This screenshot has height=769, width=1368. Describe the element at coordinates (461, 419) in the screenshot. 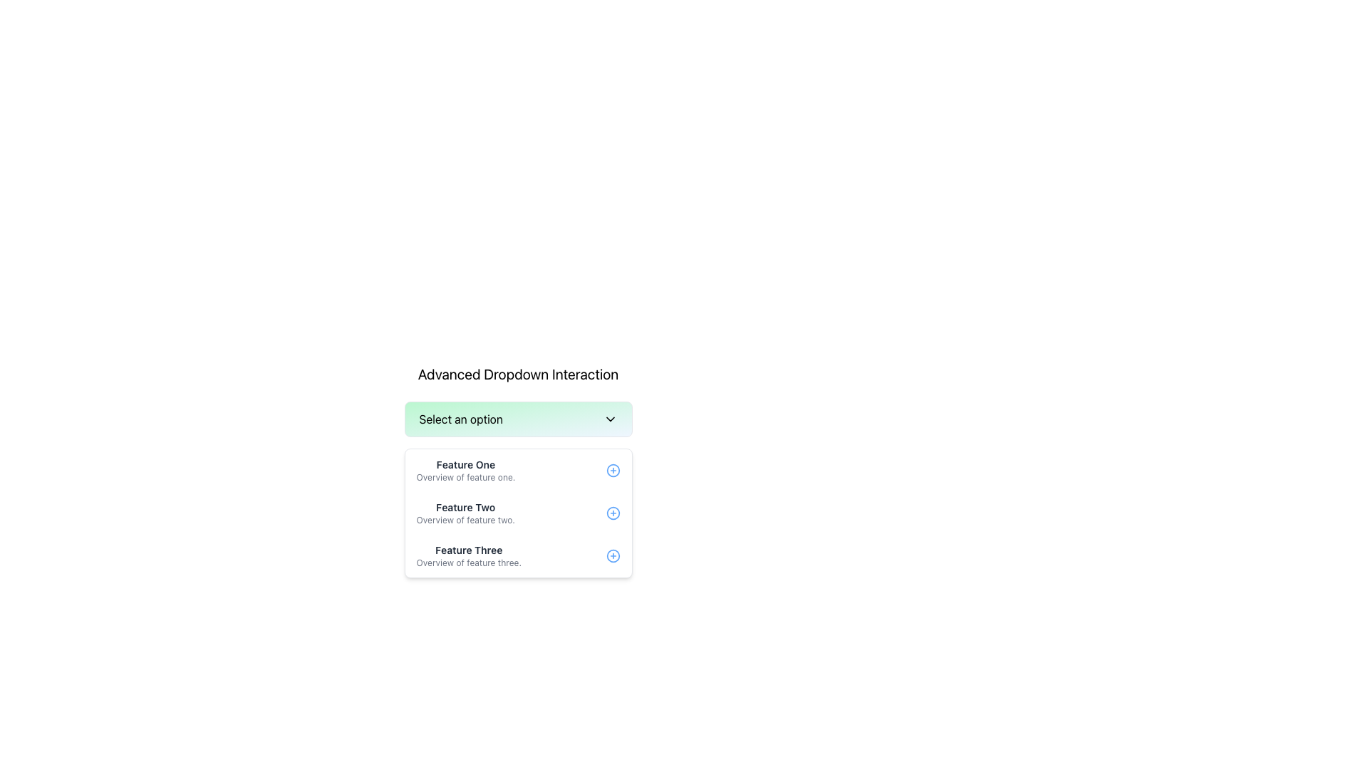

I see `the static label text within the dropdown menu that prompts the user to select an option` at that location.